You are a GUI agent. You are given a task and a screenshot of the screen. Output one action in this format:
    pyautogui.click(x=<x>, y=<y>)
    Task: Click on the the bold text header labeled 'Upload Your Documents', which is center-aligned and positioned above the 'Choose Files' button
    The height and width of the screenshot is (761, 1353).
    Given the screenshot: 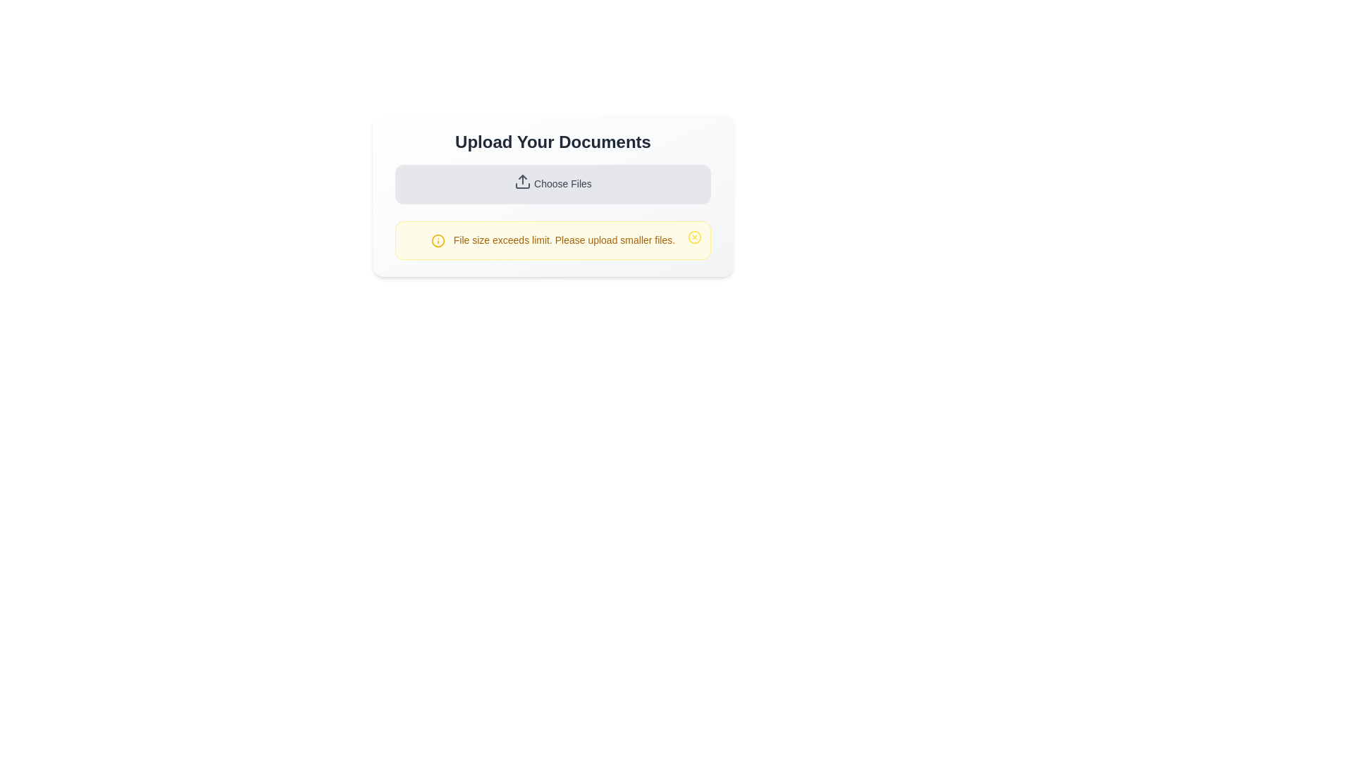 What is the action you would take?
    pyautogui.click(x=552, y=142)
    